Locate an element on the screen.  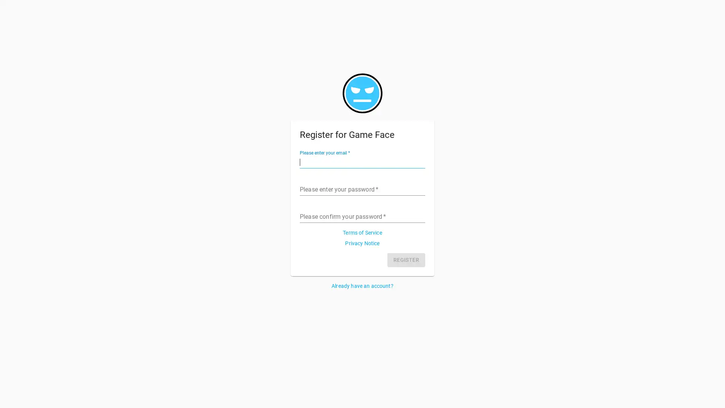
REGISTER is located at coordinates (406, 259).